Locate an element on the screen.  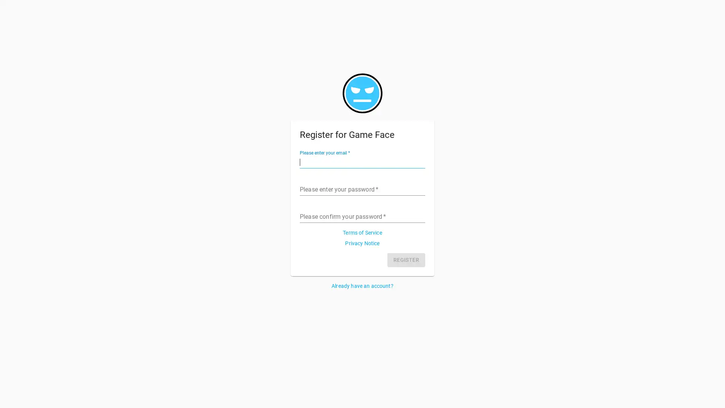
REGISTER is located at coordinates (406, 259).